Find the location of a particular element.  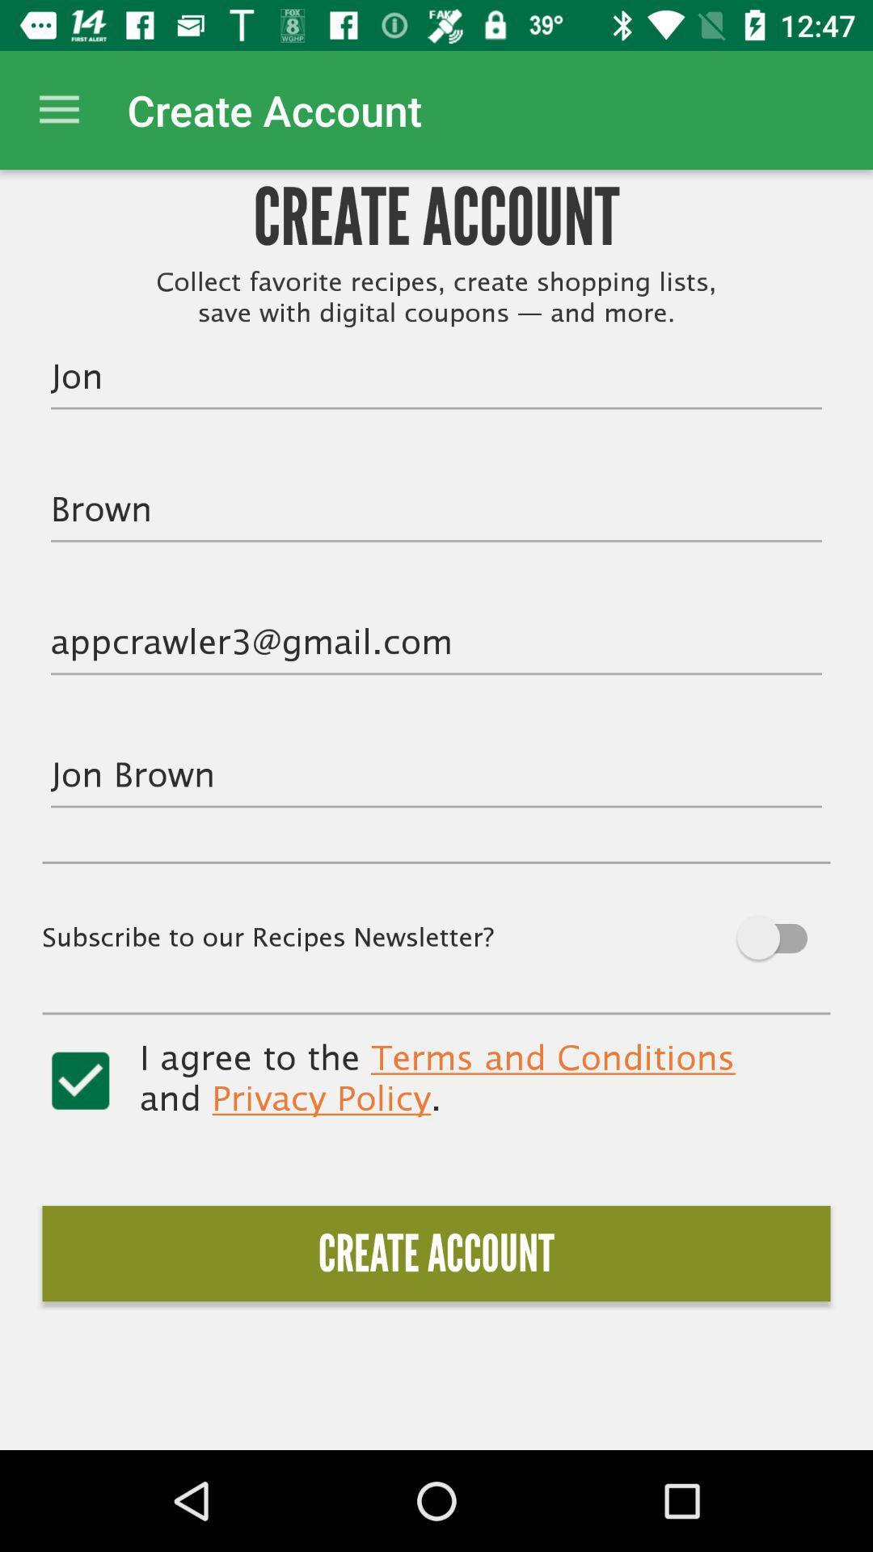

autoplay option is located at coordinates (745, 938).